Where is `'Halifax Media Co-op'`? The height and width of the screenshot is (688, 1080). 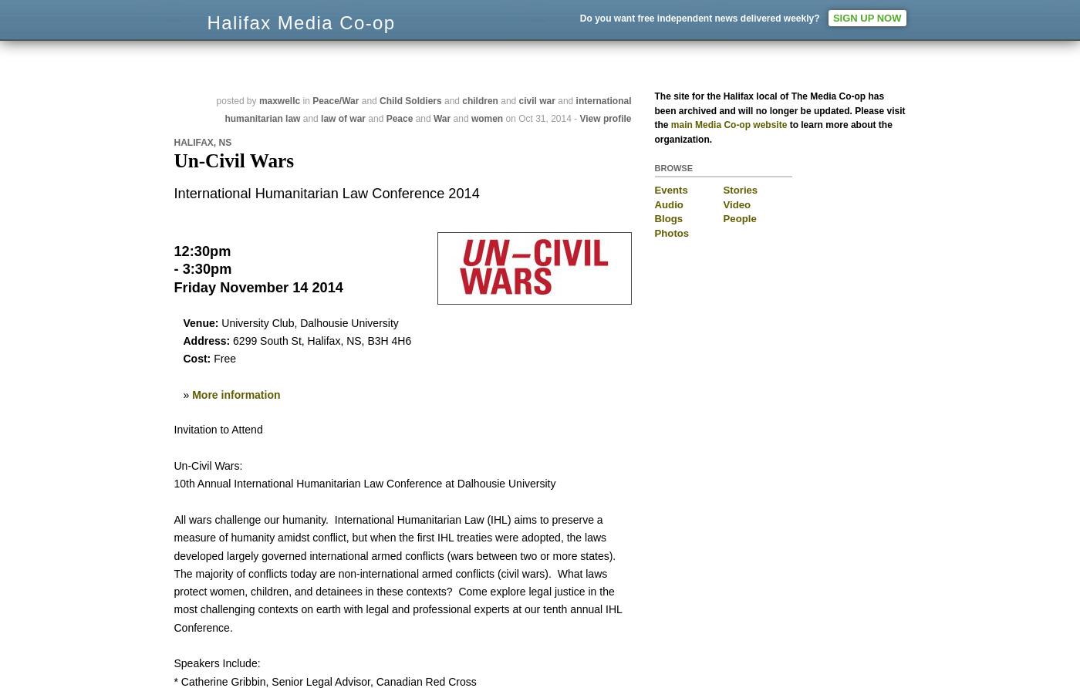
'Halifax Media Co-op' is located at coordinates (352, 37).